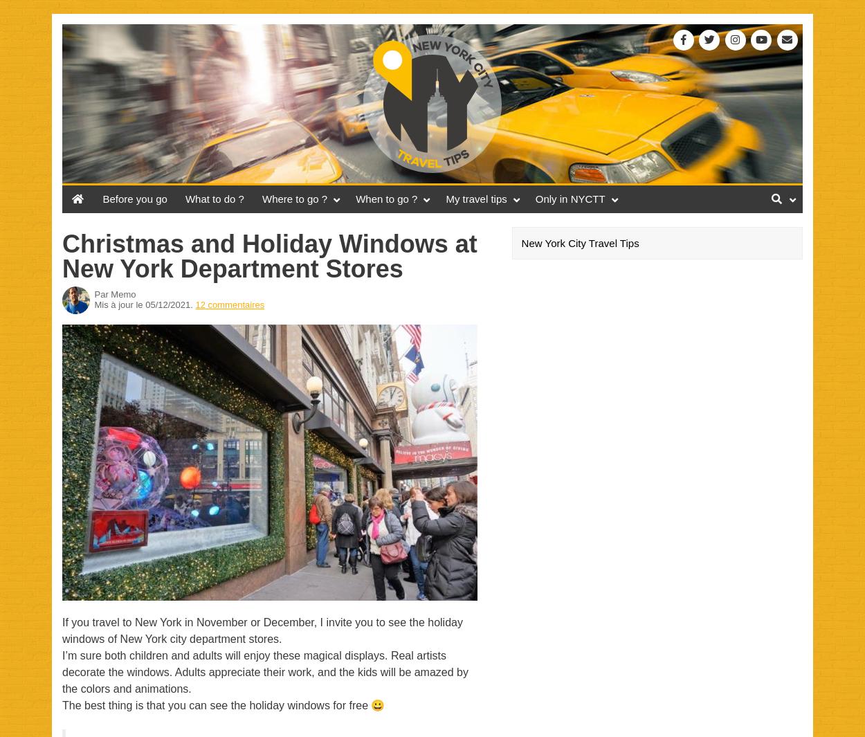  I want to click on '08/29/2018 at 5:34 am', so click(180, 712).